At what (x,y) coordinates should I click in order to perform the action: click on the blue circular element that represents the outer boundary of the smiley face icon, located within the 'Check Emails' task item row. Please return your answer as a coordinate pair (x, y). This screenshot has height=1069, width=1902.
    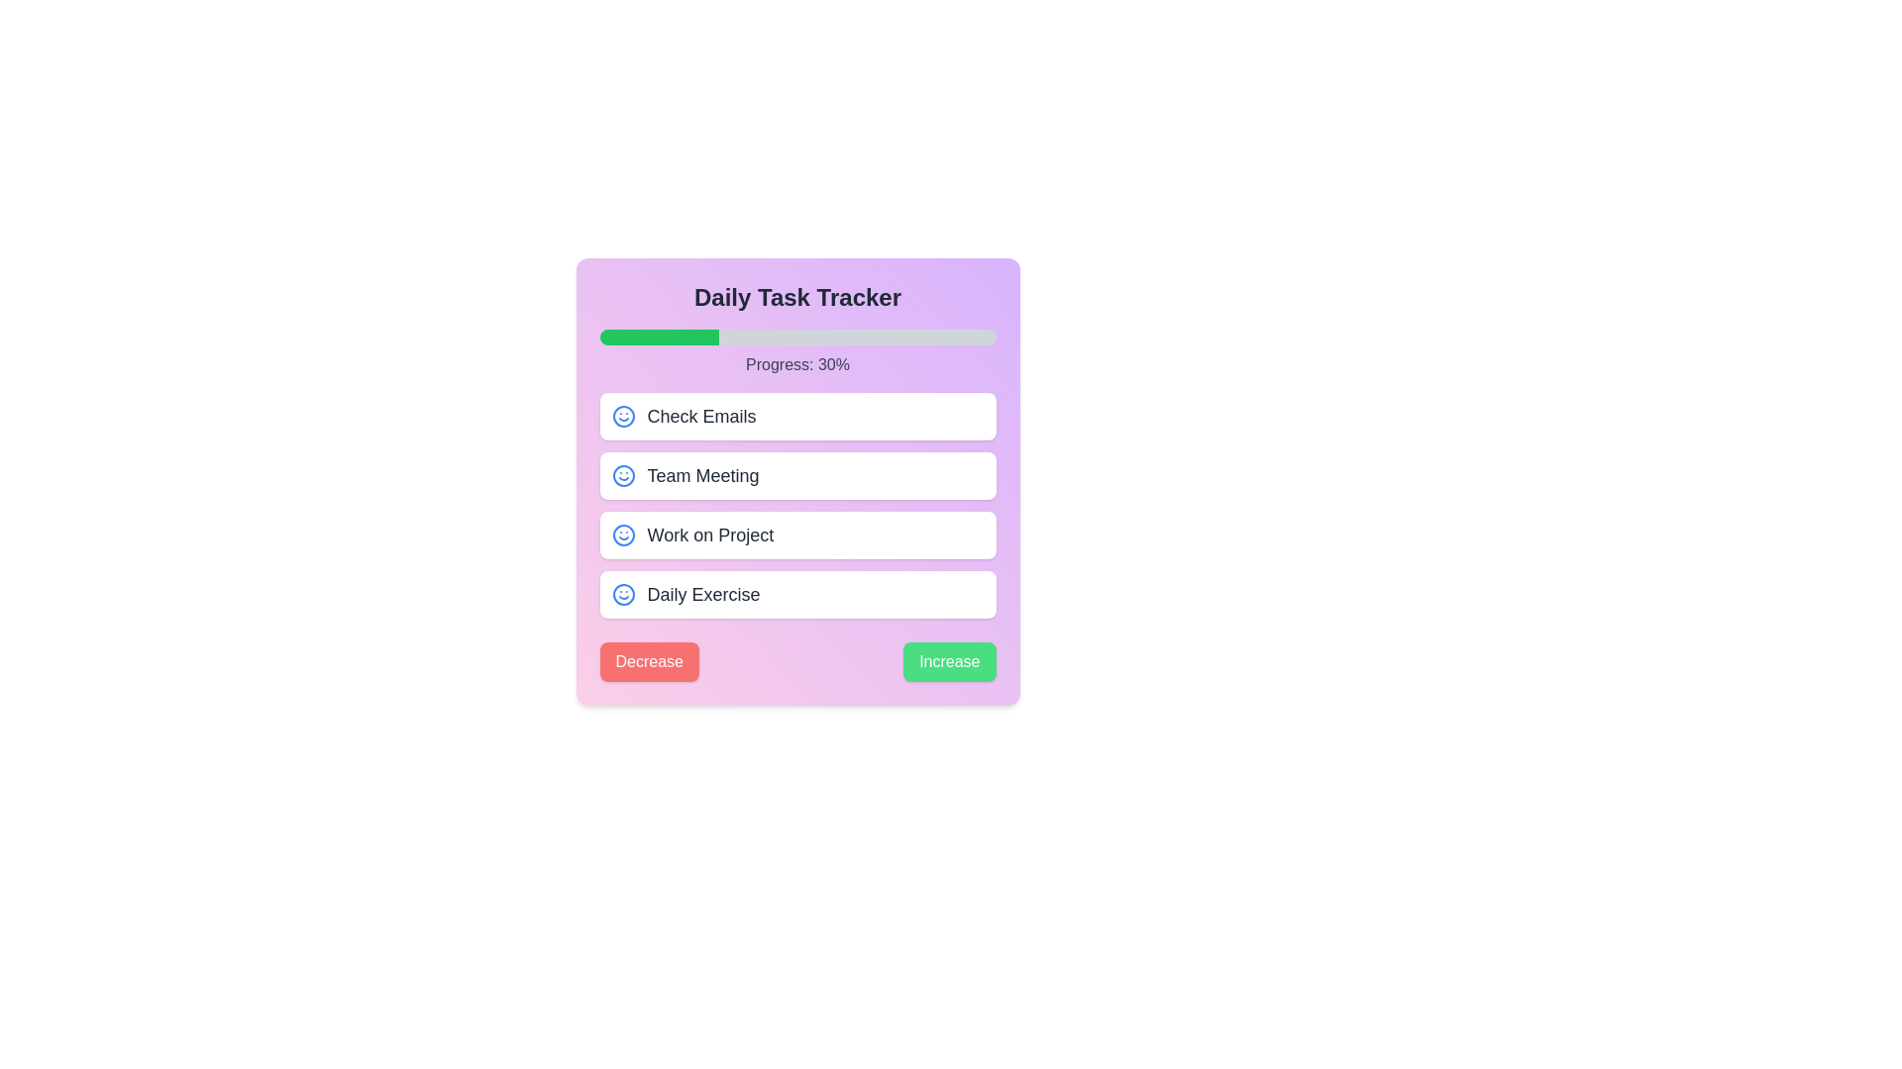
    Looking at the image, I should click on (622, 594).